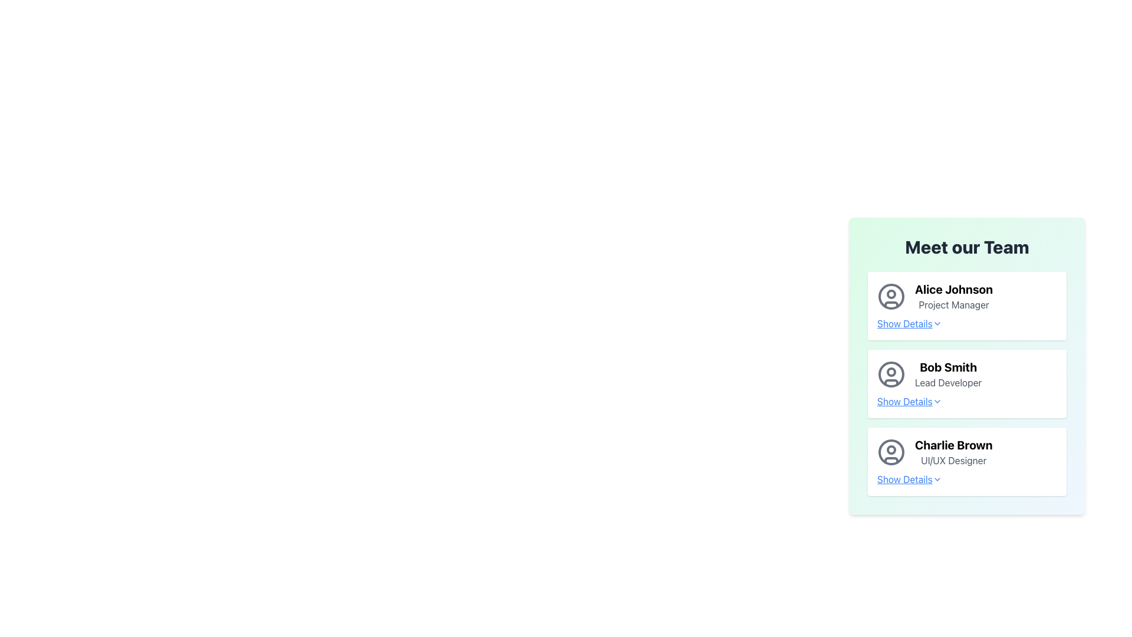 The height and width of the screenshot is (637, 1132). I want to click on the SVG icon located to the right of the 'Show Details' text, which serves as a visual cue for expanded content related to 'Bob Smith, Lead Developer', so click(936, 401).